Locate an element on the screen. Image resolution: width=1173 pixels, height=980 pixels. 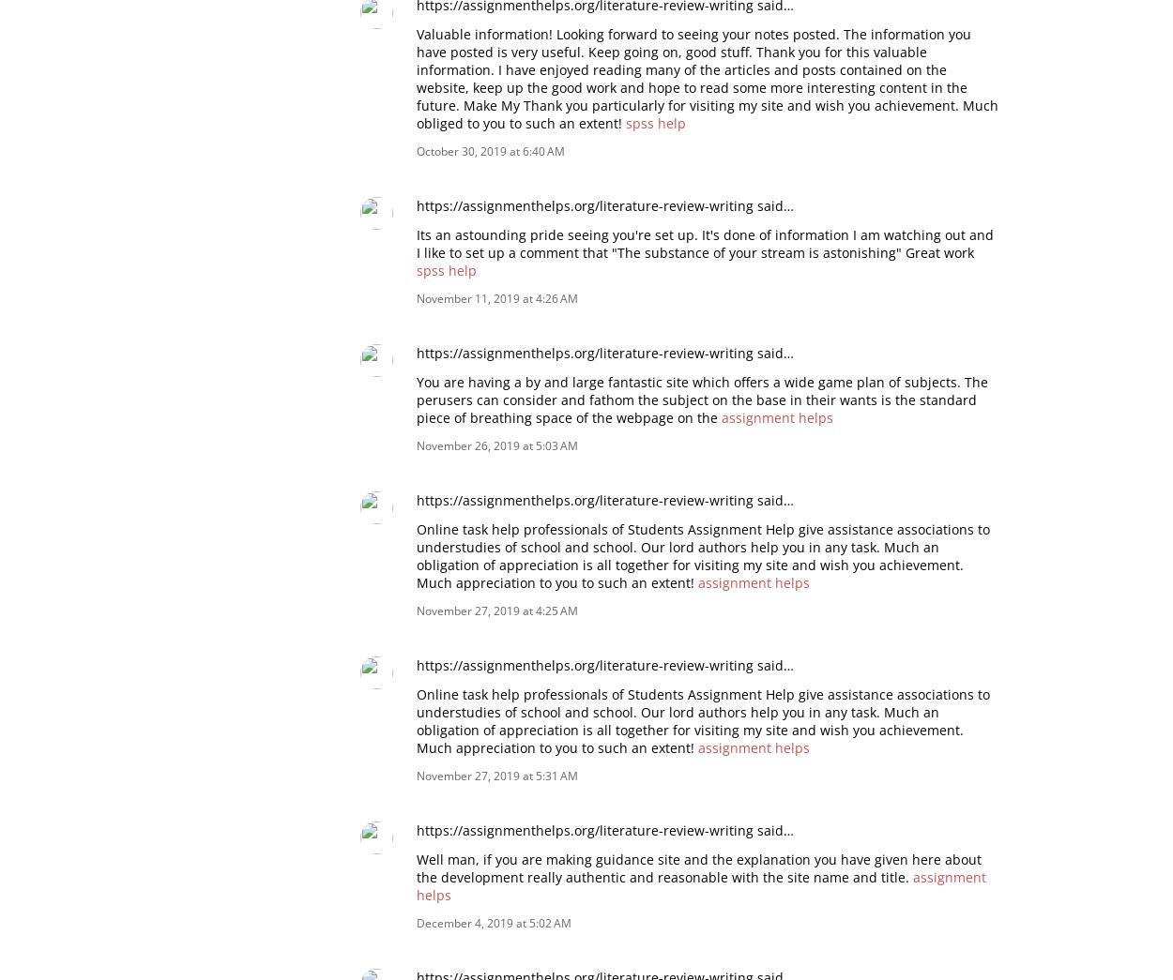
'Well man, if you are making guidance site and the explanation you have given here about the development really authentic and reasonable with the site name and title.' is located at coordinates (698, 867).